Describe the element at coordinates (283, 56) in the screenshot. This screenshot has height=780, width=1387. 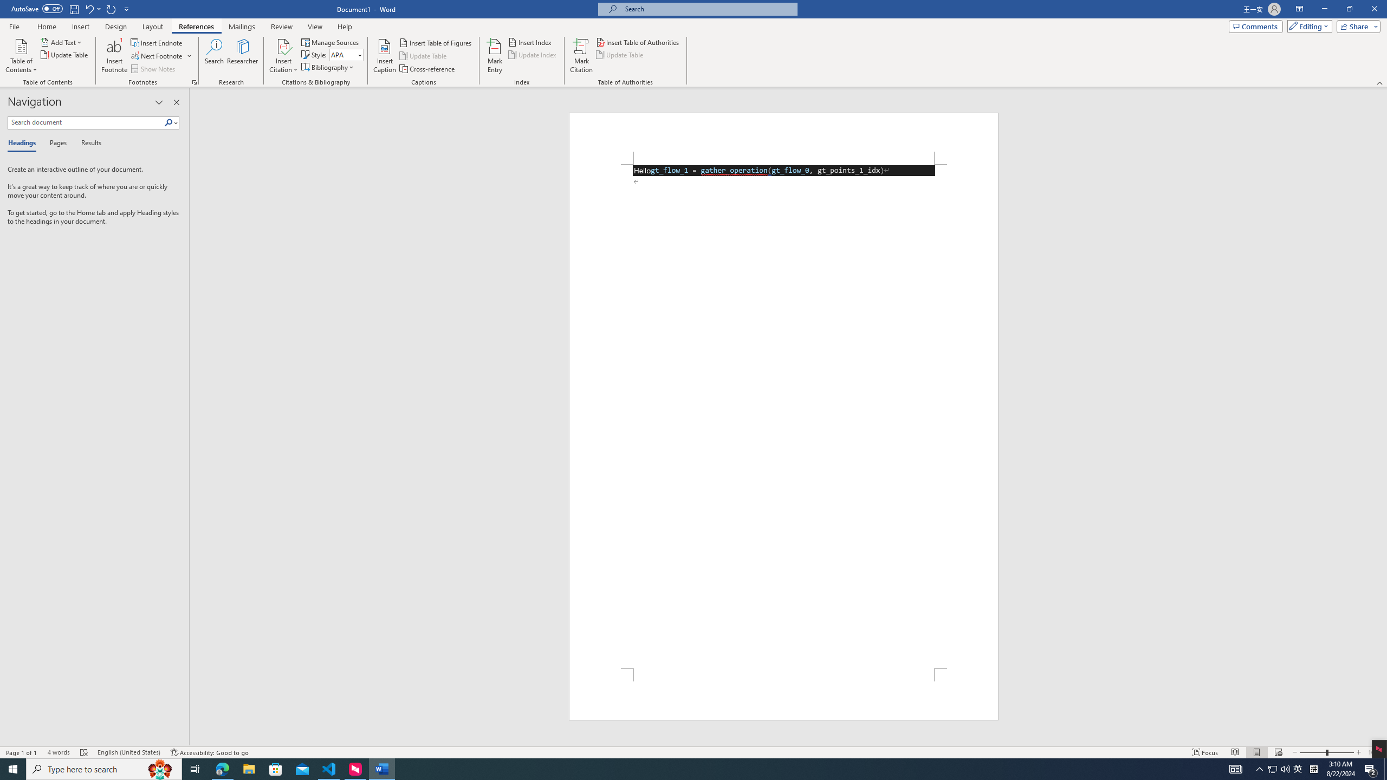
I see `'Insert Citation'` at that location.